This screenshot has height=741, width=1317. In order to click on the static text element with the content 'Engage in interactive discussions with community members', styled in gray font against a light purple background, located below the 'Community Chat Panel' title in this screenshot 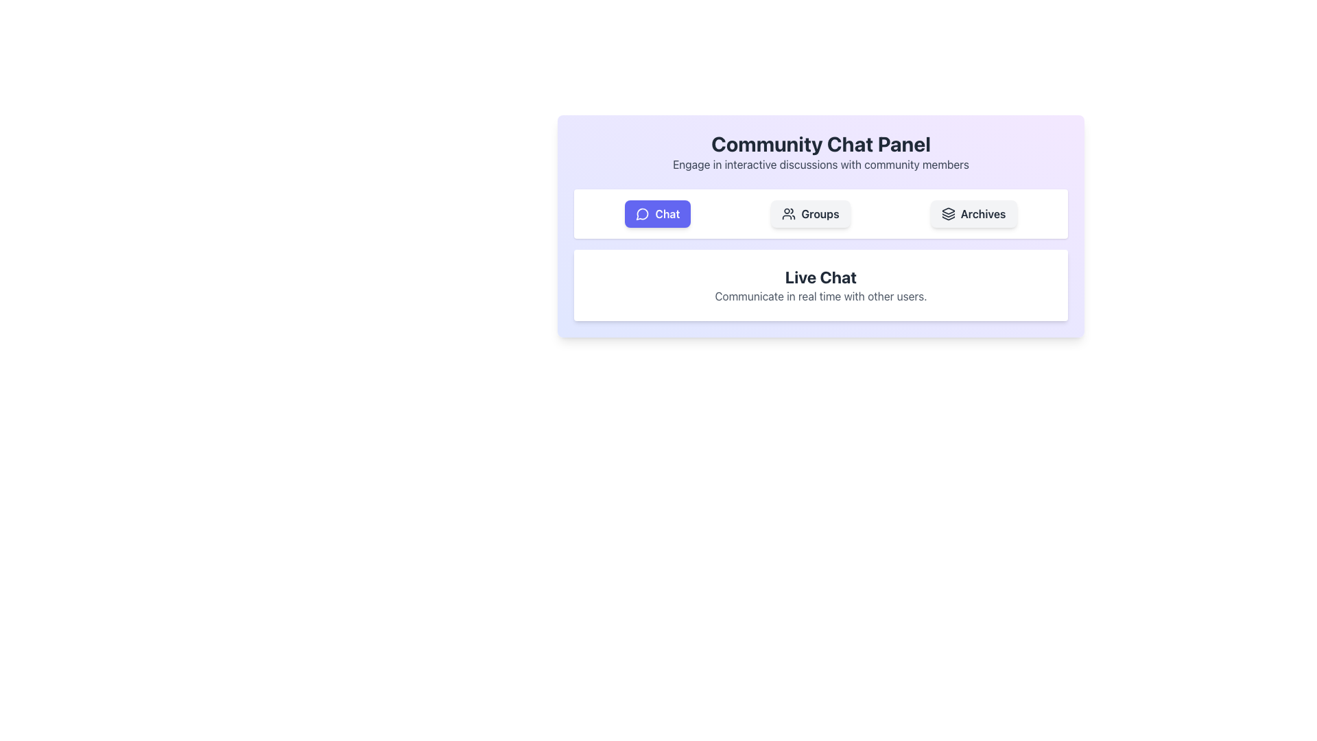, I will do `click(820, 163)`.